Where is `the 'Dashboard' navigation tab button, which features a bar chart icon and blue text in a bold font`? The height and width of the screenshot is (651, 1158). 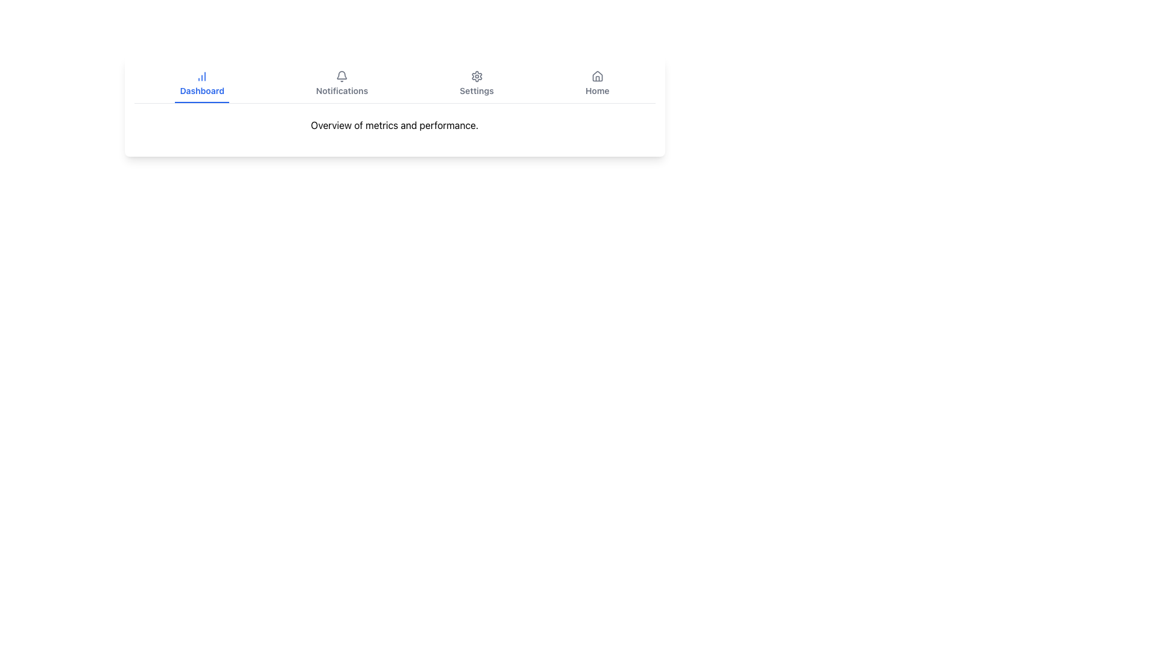
the 'Dashboard' navigation tab button, which features a bar chart icon and blue text in a bold font is located at coordinates (202, 83).